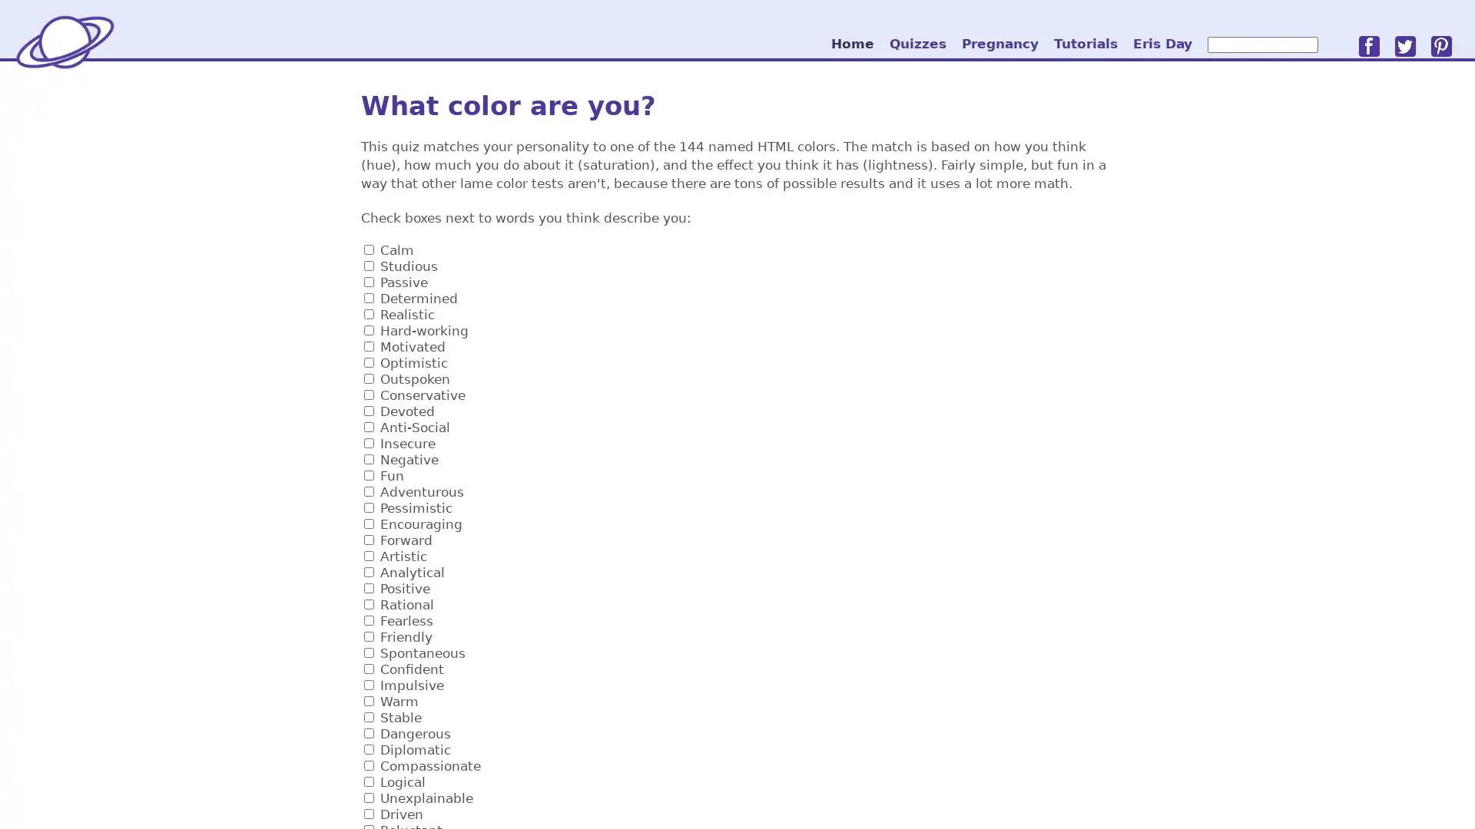 The image size is (1475, 829). What do you see at coordinates (1331, 43) in the screenshot?
I see `go` at bounding box center [1331, 43].